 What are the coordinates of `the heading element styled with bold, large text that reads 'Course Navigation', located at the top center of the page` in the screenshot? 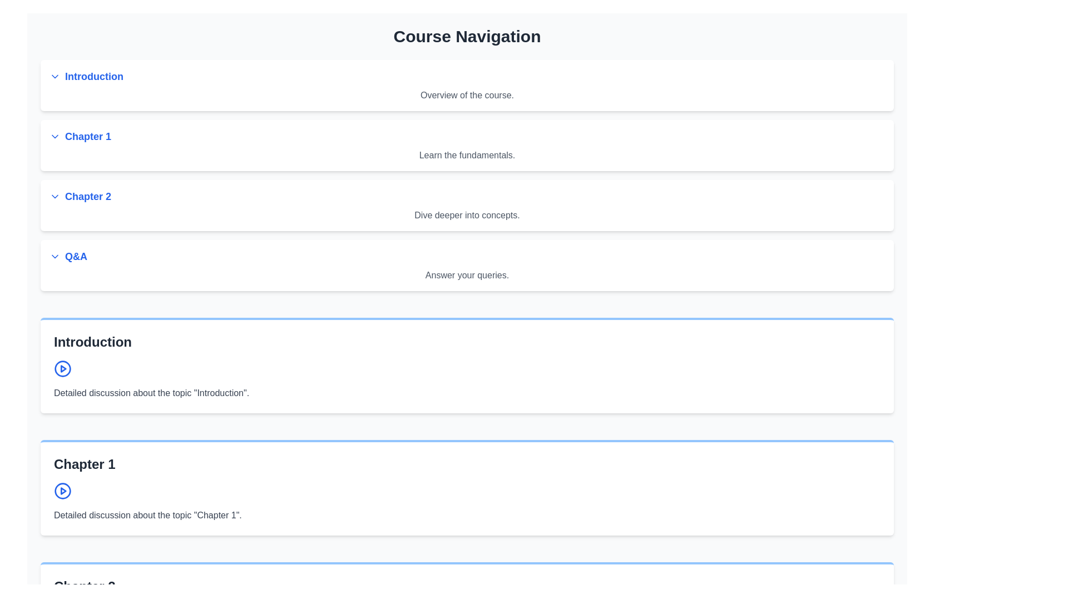 It's located at (467, 36).